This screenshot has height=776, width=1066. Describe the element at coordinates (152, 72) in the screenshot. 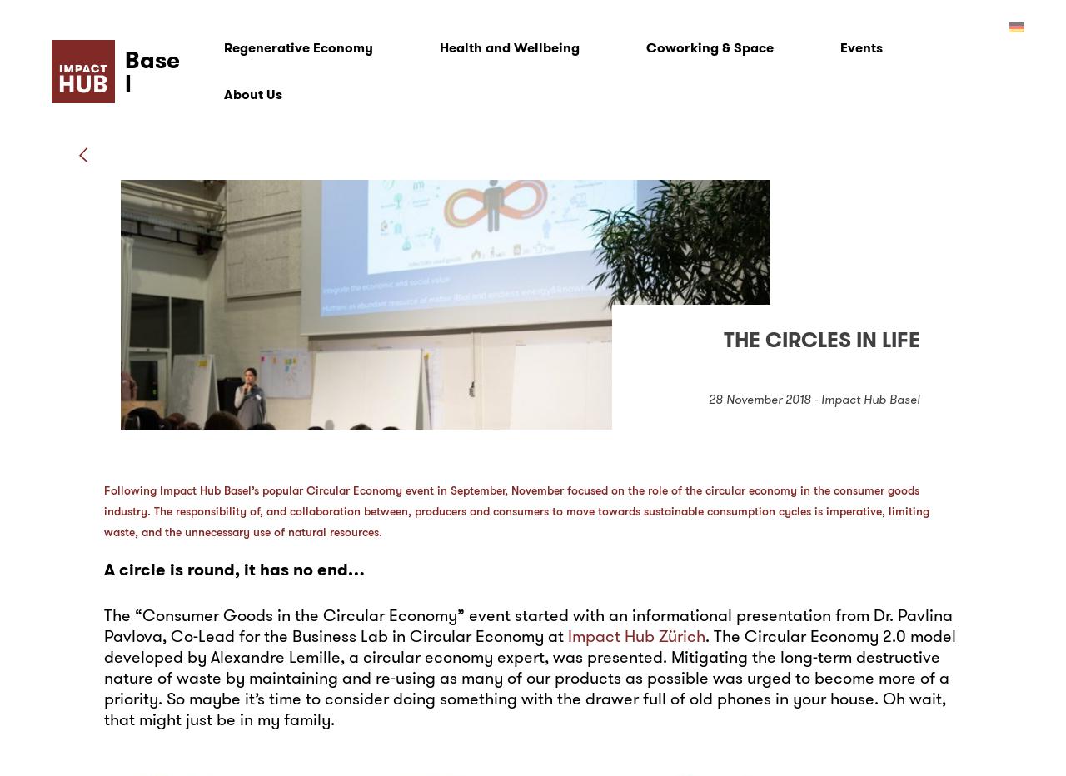

I see `'Basel'` at that location.